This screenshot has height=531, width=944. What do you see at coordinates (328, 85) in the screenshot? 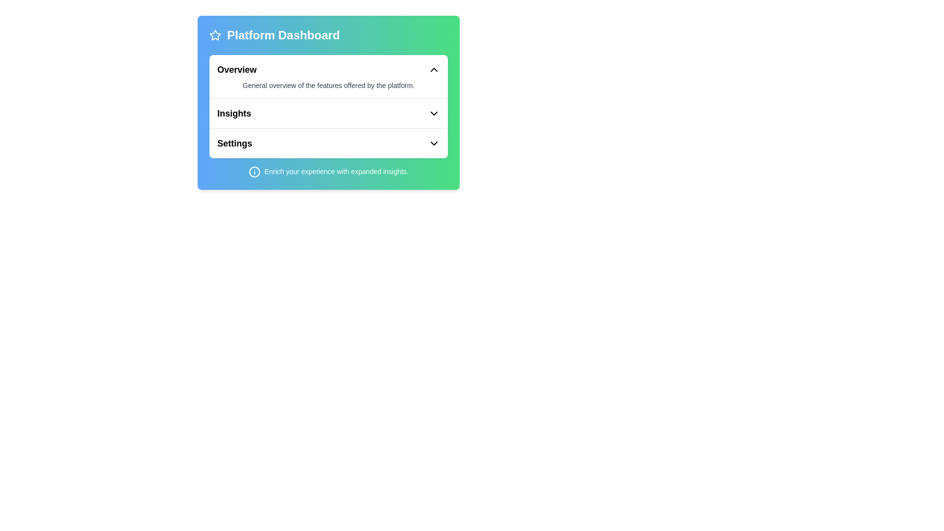
I see `the text label reading 'General overview of the features offered by the platform.', which is styled in a smaller gray font and positioned directly below the 'Overview' header` at bounding box center [328, 85].